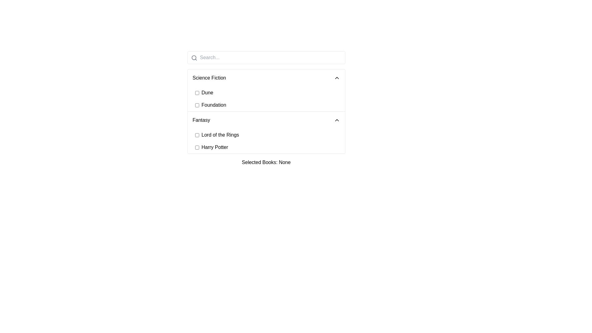 The width and height of the screenshot is (592, 333). What do you see at coordinates (270, 135) in the screenshot?
I see `the checkbox for 'Lord of the Rings'` at bounding box center [270, 135].